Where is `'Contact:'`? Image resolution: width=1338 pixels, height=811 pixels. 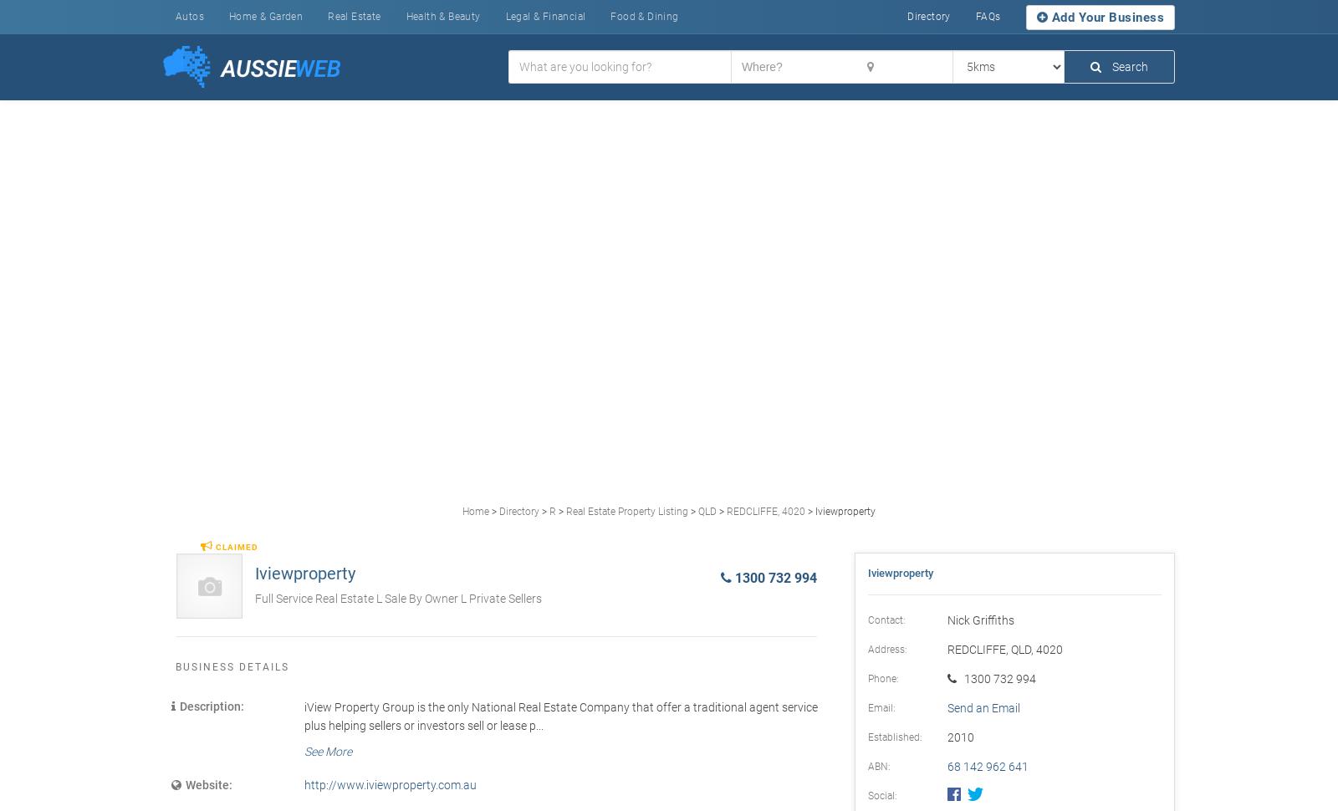 'Contact:' is located at coordinates (886, 618).